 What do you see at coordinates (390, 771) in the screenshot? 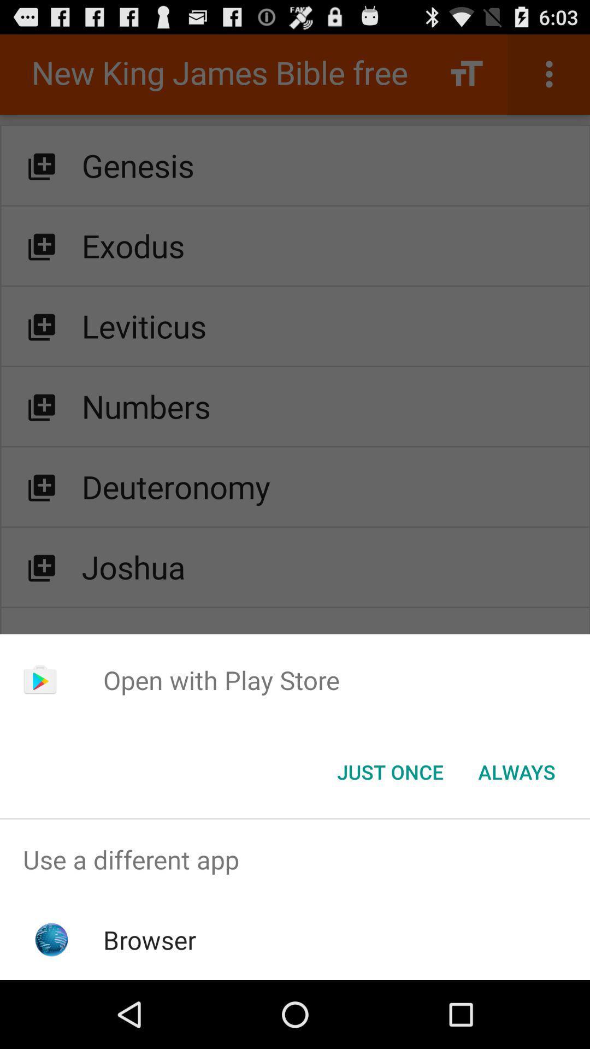
I see `the button to the left of the always icon` at bounding box center [390, 771].